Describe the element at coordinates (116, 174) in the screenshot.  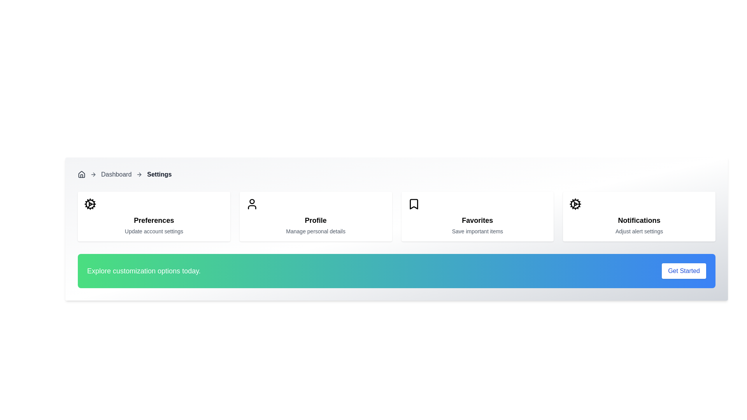
I see `the 'Dashboard' text label` at that location.